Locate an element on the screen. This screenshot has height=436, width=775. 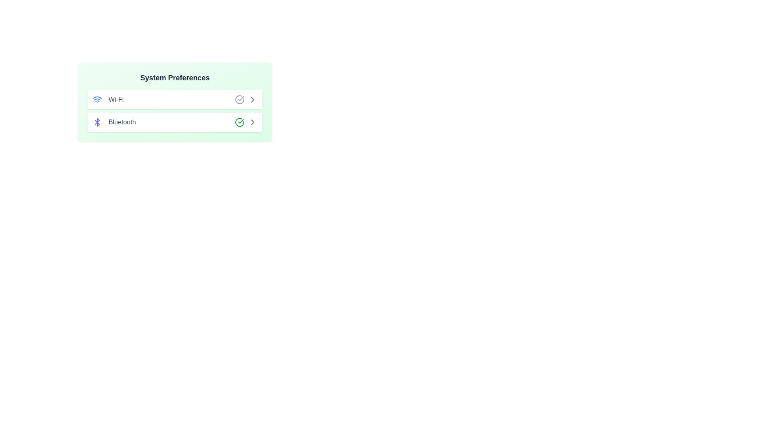
the title 'System Preferences' is located at coordinates (174, 78).